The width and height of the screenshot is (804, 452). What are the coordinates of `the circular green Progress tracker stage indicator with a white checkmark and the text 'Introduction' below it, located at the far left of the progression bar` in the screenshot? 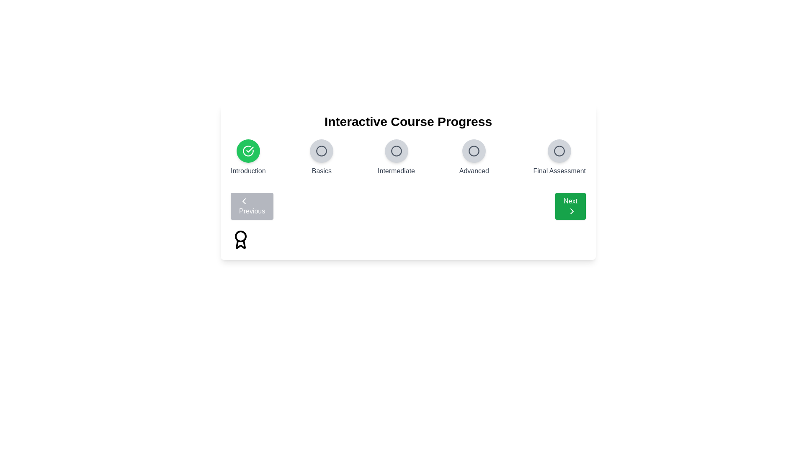 It's located at (247, 158).